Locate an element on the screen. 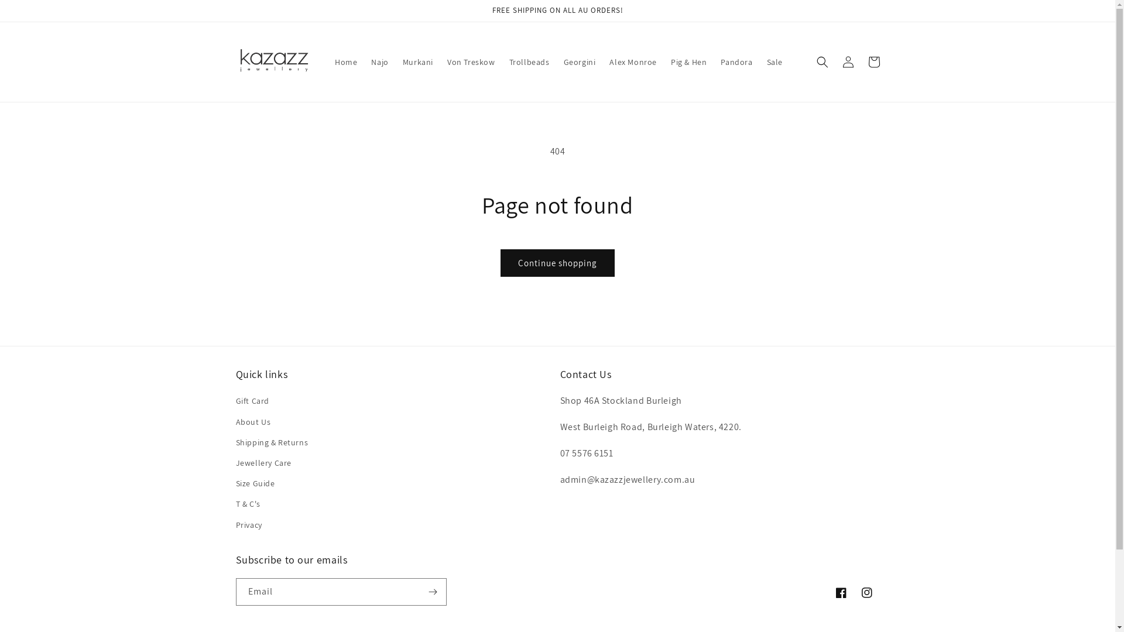 This screenshot has width=1124, height=632. 'Trollbeads' is located at coordinates (502, 61).